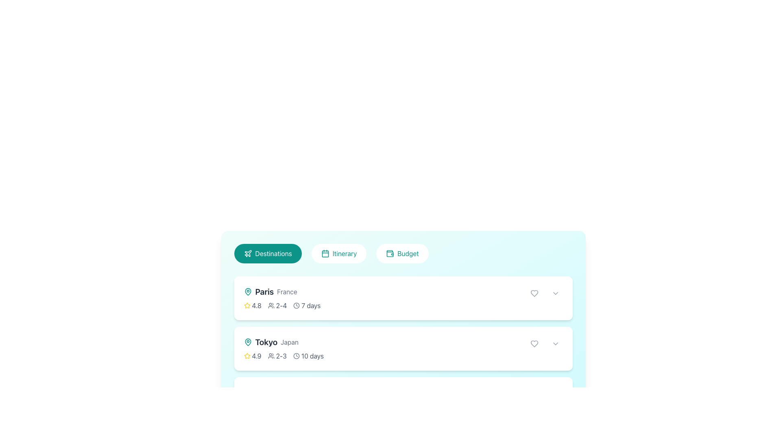  What do you see at coordinates (290, 342) in the screenshot?
I see `the text label displaying the country name 'Japan', which is located to the right of 'Tokyo' and below 'Paris France' in a horizontal list` at bounding box center [290, 342].